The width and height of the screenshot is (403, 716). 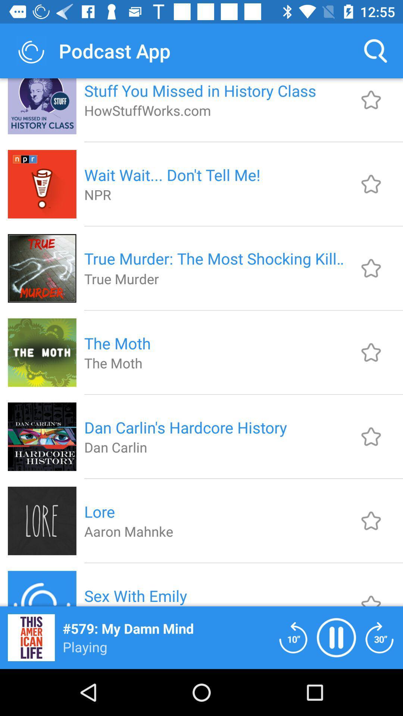 I want to click on voltar a musica 10 segundos, so click(x=293, y=637).